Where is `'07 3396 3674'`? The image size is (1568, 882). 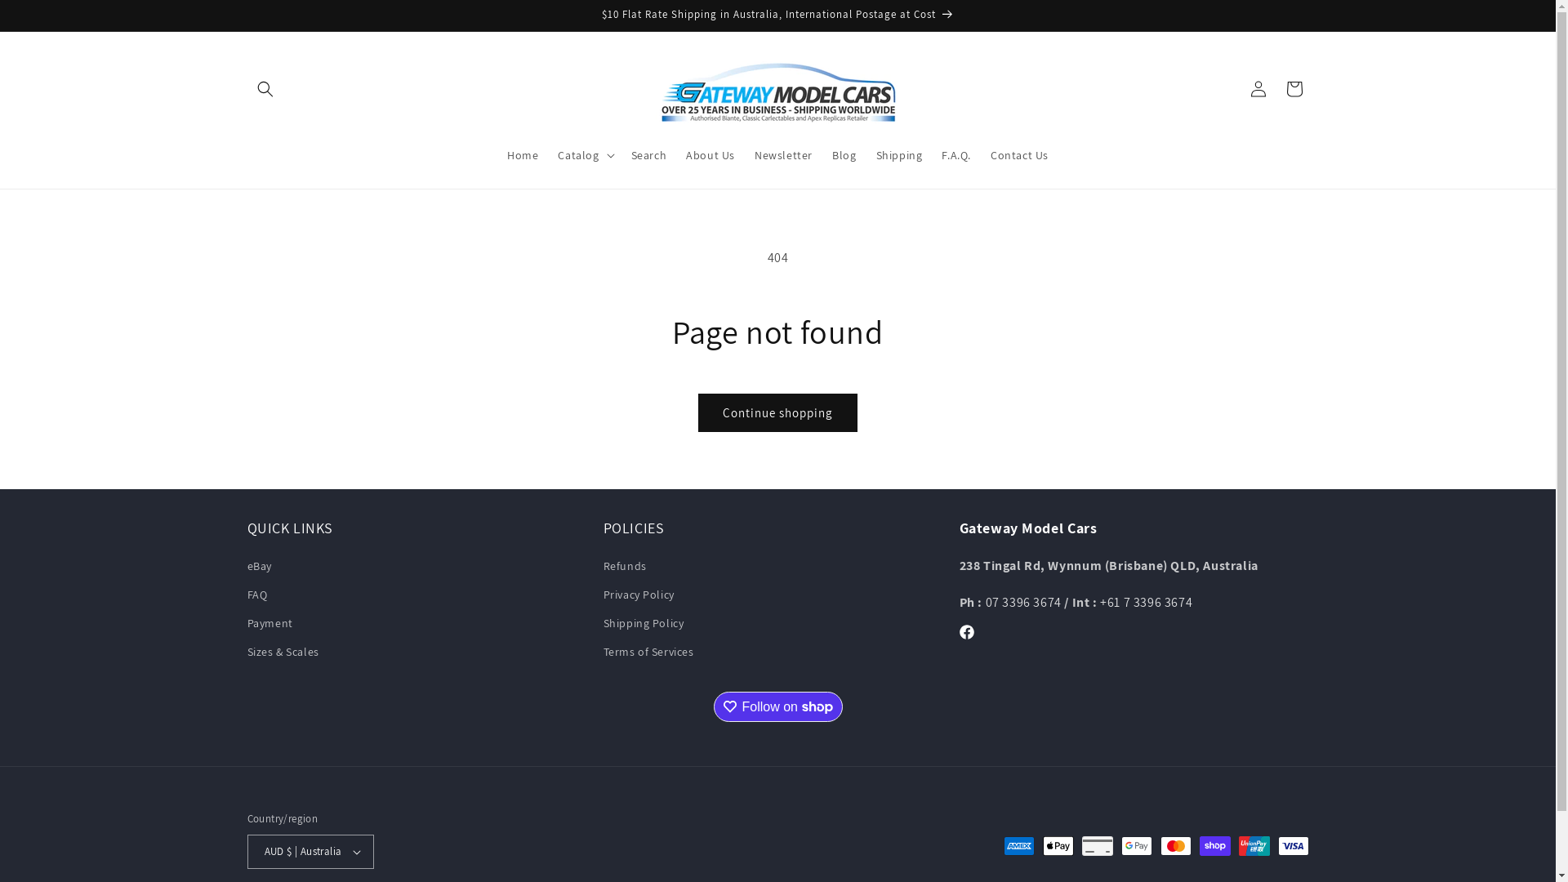 '07 3396 3674' is located at coordinates (984, 602).